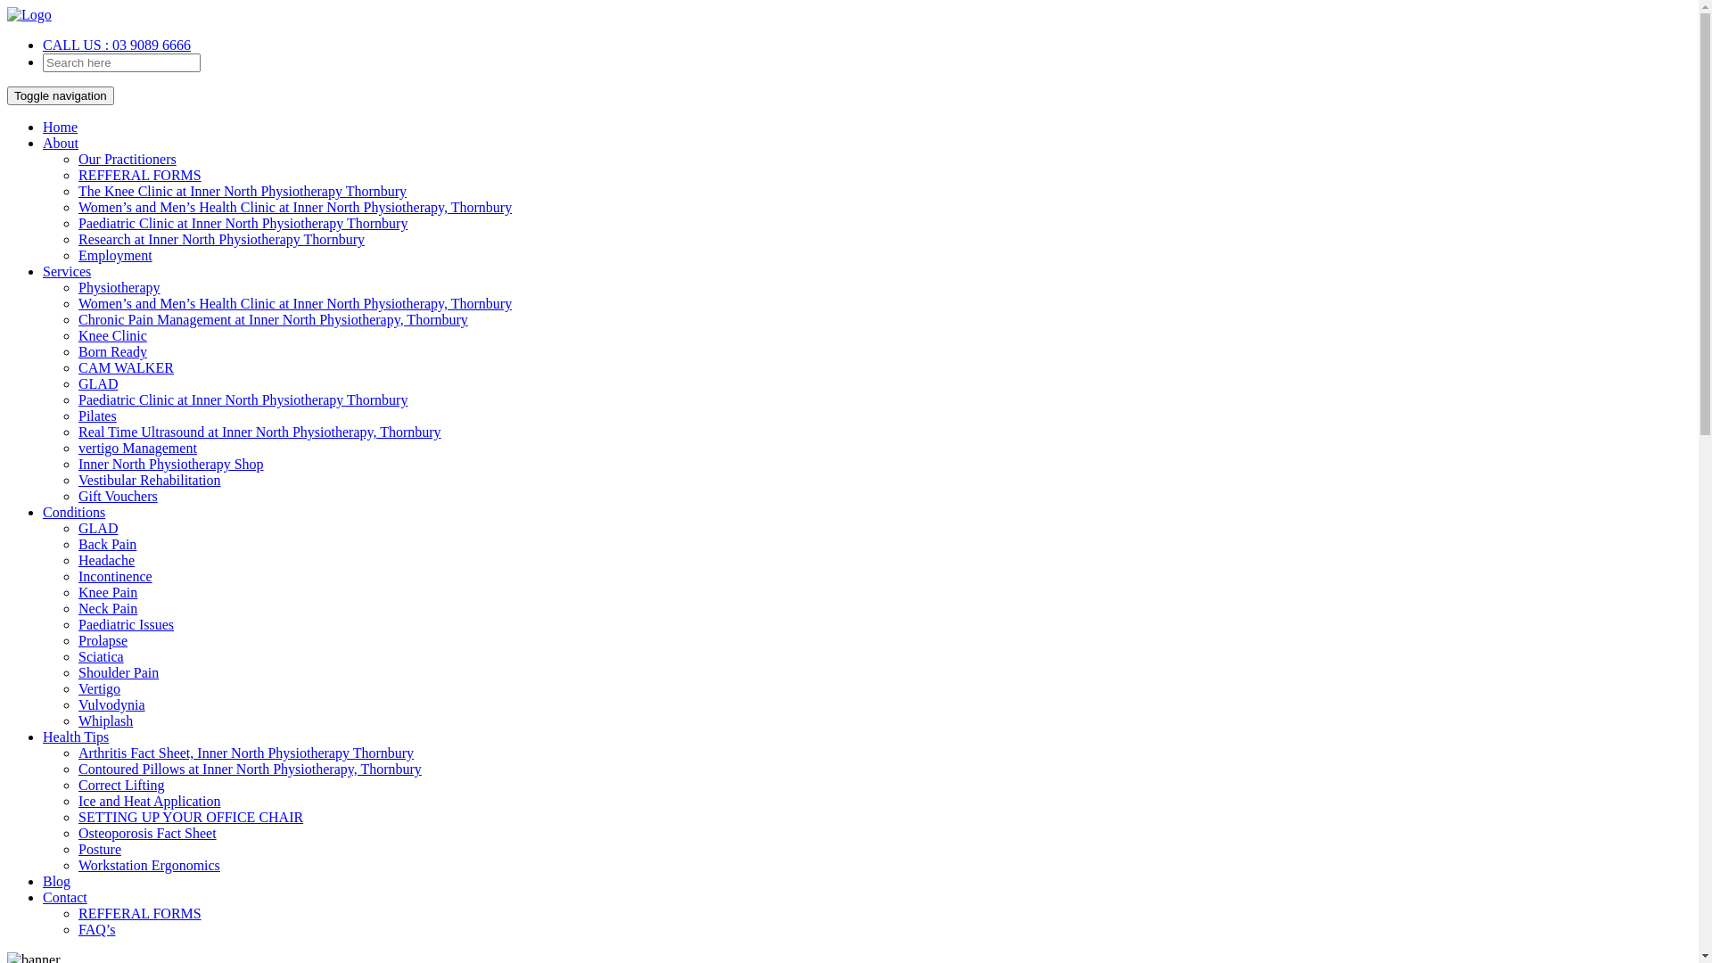 The width and height of the screenshot is (1712, 963). I want to click on 'Neck Pain', so click(106, 607).